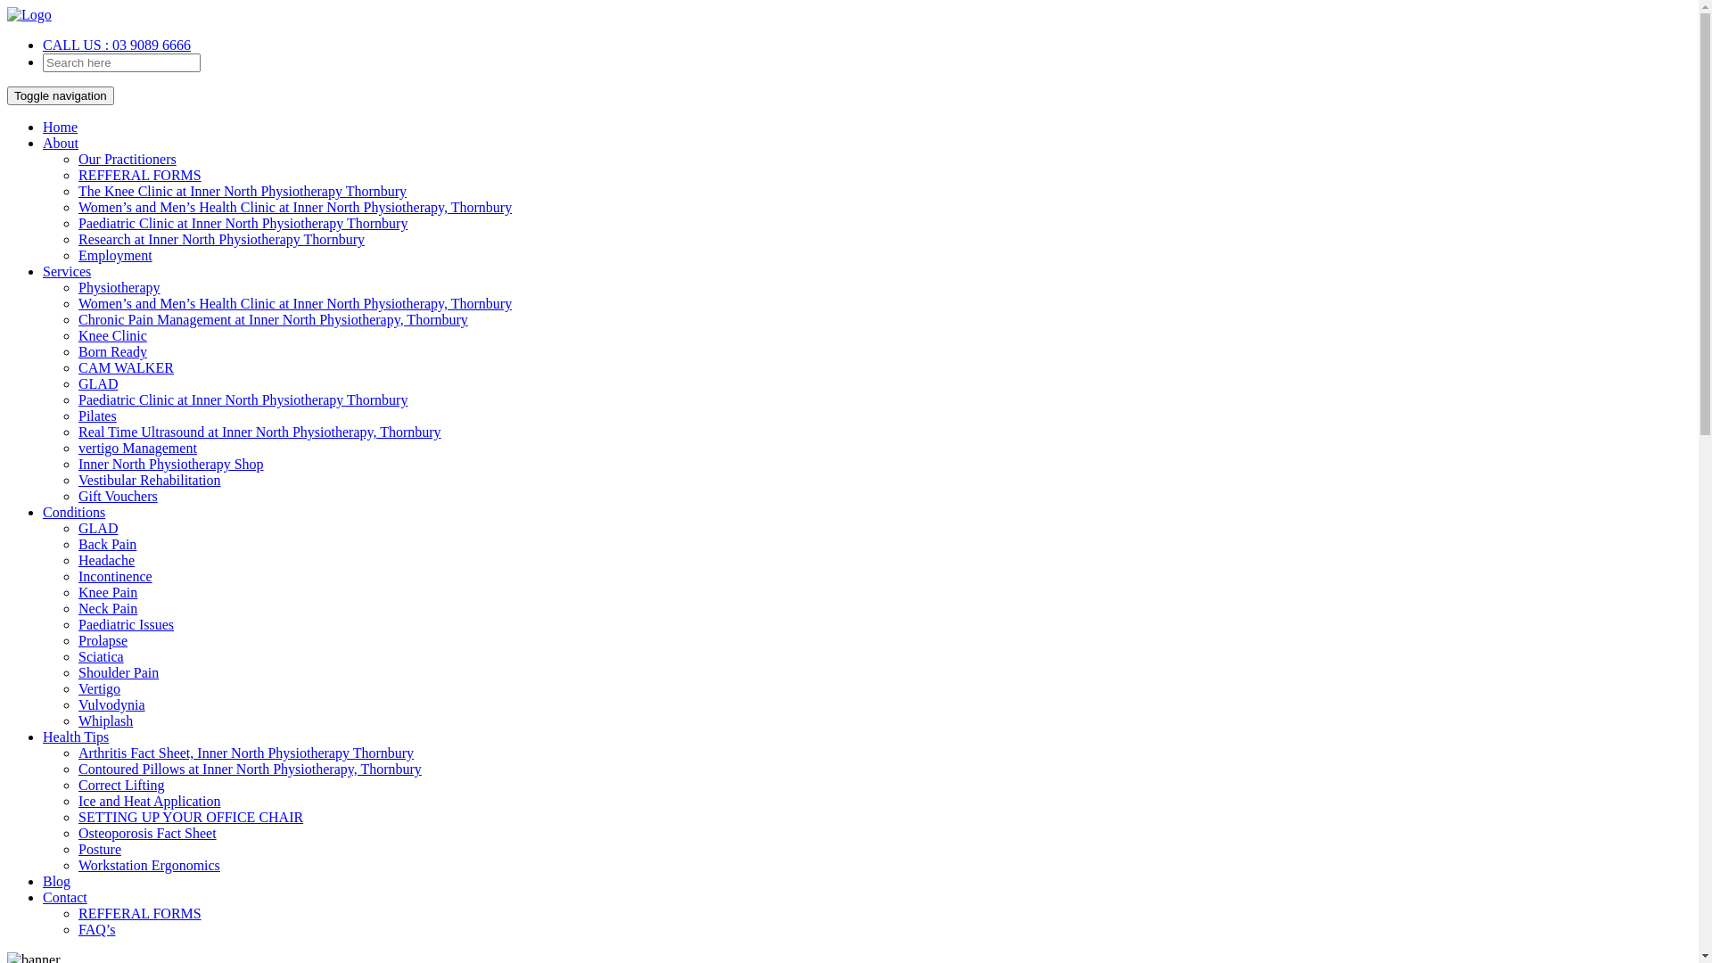 The width and height of the screenshot is (1712, 963). I want to click on 'Neck Pain', so click(106, 607).